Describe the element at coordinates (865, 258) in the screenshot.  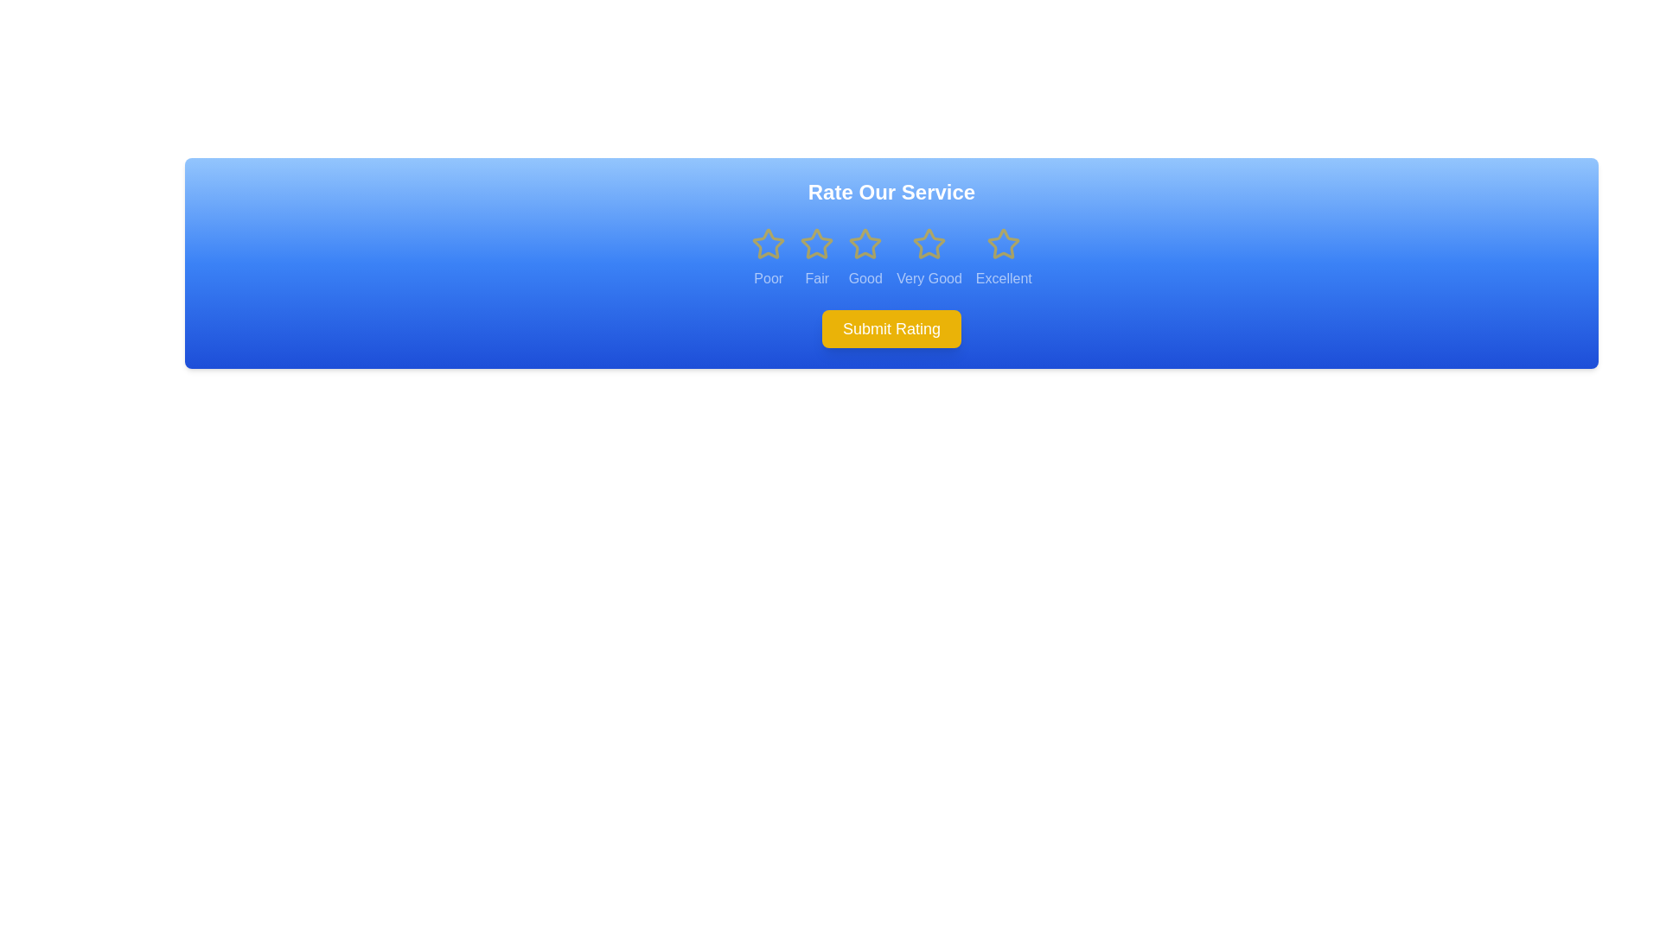
I see `the third rating option labeled 'Good'` at that location.